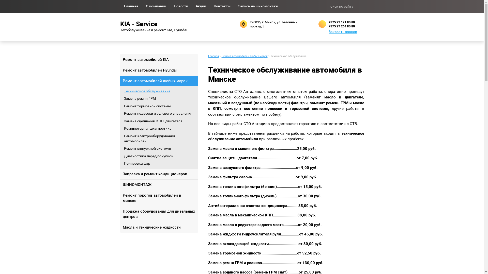 The height and width of the screenshot is (274, 488). What do you see at coordinates (341, 22) in the screenshot?
I see `'+375 29 121 80 80'` at bounding box center [341, 22].